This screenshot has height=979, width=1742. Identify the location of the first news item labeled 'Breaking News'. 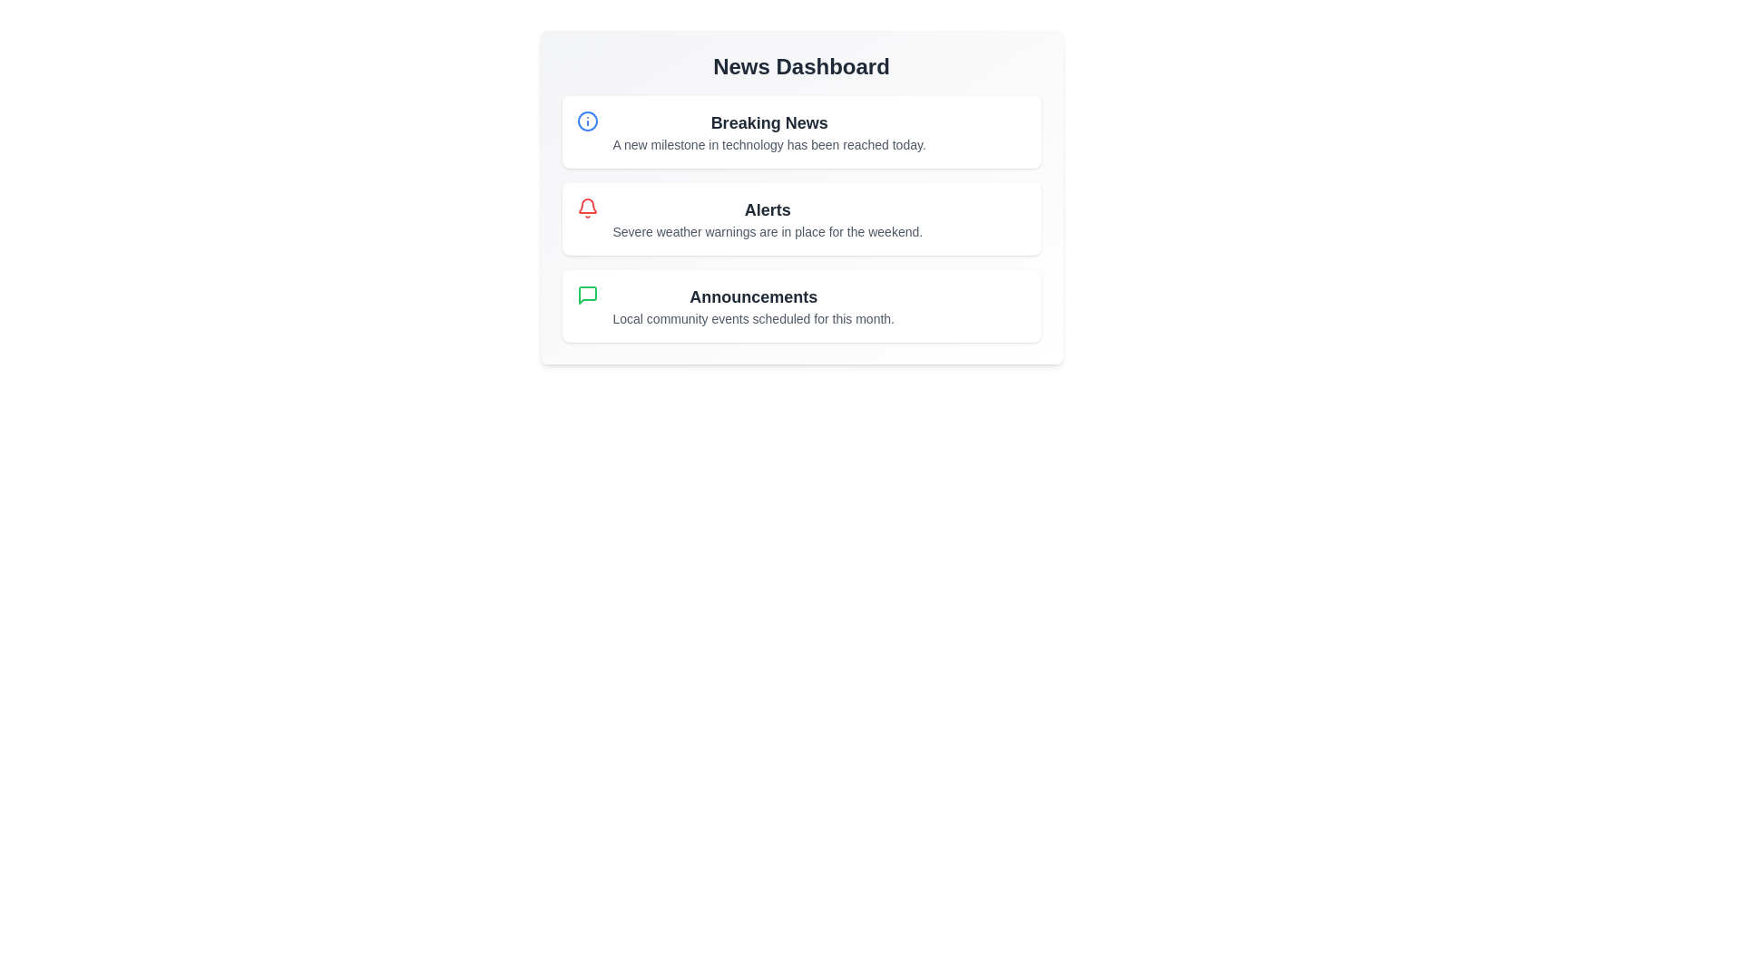
(800, 131).